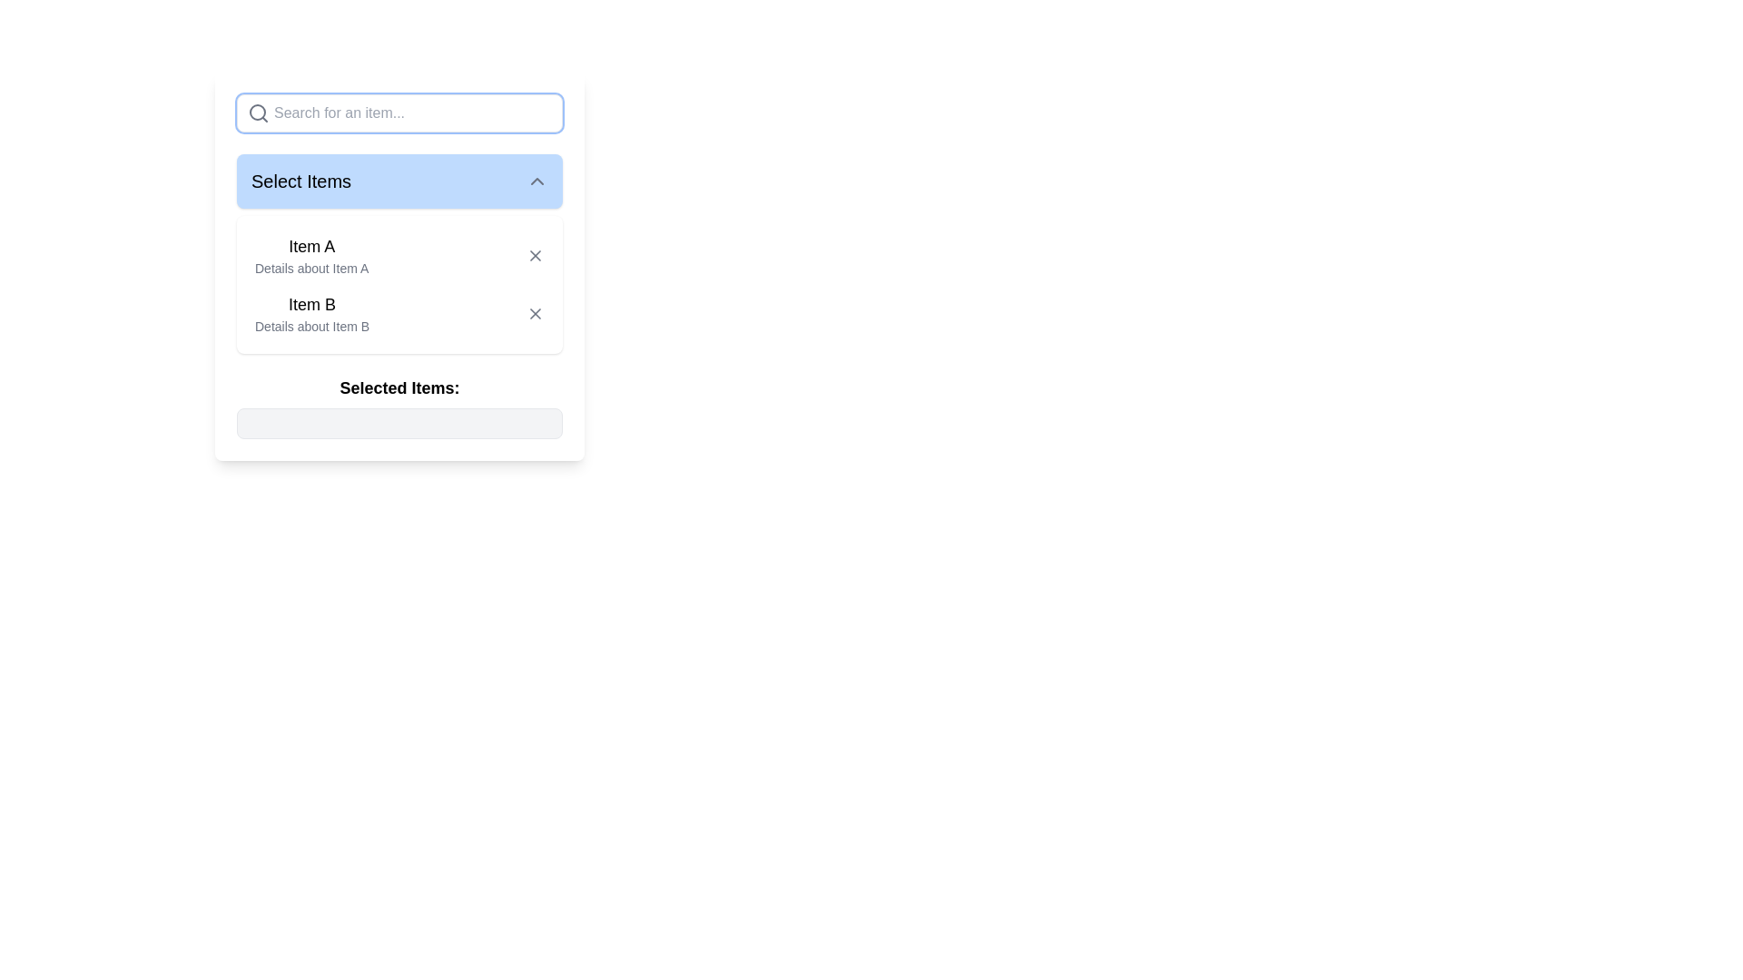 The image size is (1743, 980). I want to click on the search icon, which is a light gray magnifying glass located at the left side of the input box, so click(257, 113).